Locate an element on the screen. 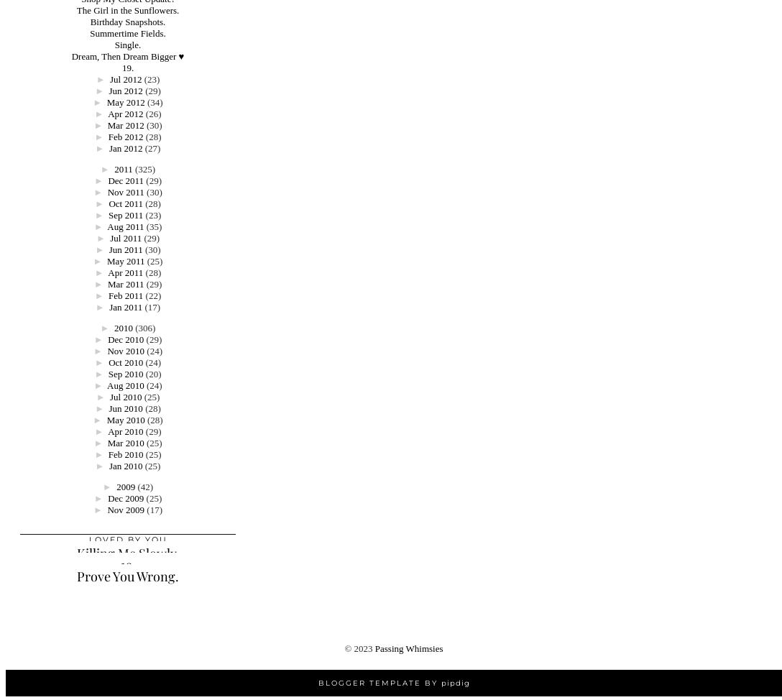 The width and height of the screenshot is (782, 700). '(26)' is located at coordinates (144, 113).